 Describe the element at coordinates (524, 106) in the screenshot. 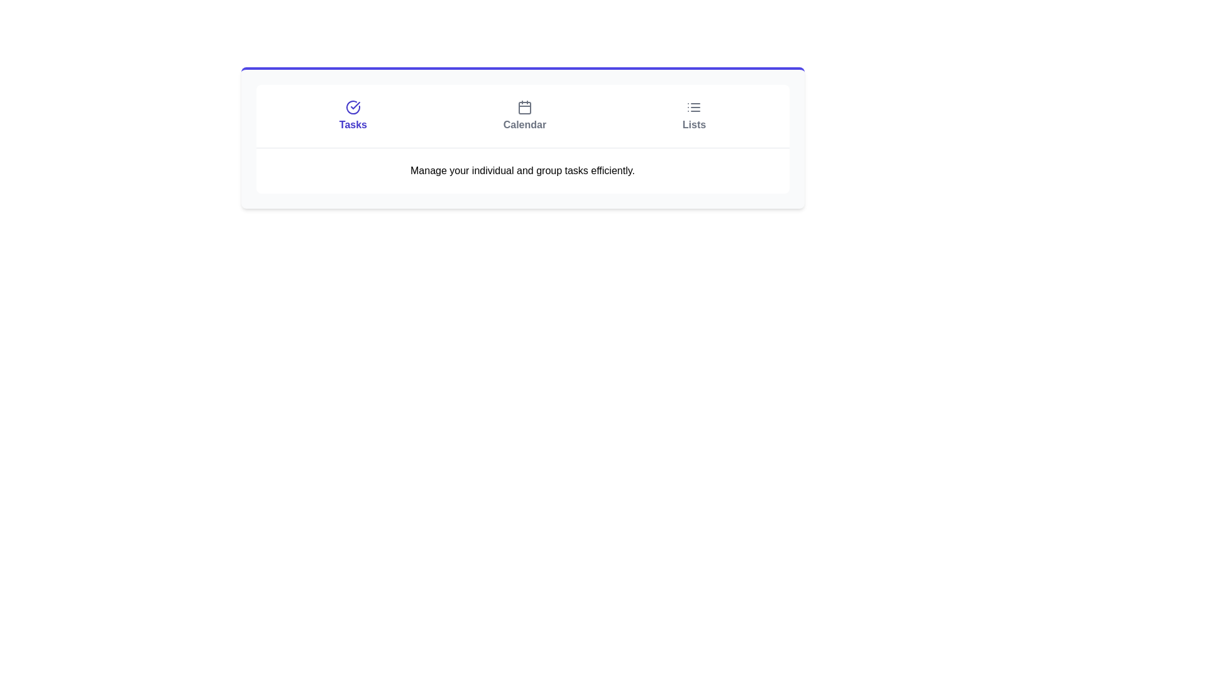

I see `the calendar icon button, which has a grid-like design and is located above the text 'Calendar'` at that location.